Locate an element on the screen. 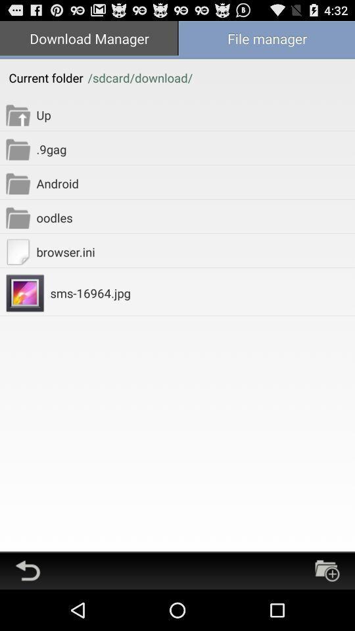 This screenshot has width=355, height=631. the .9gag app is located at coordinates (195, 149).